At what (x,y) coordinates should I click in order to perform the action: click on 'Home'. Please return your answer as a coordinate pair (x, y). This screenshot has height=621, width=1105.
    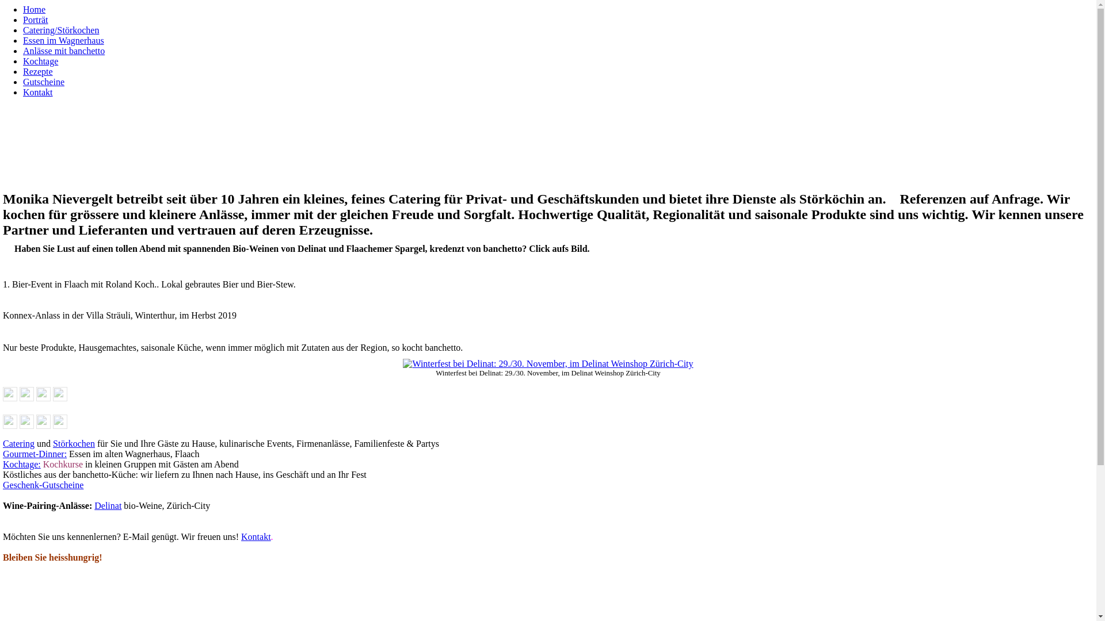
    Looking at the image, I should click on (34, 9).